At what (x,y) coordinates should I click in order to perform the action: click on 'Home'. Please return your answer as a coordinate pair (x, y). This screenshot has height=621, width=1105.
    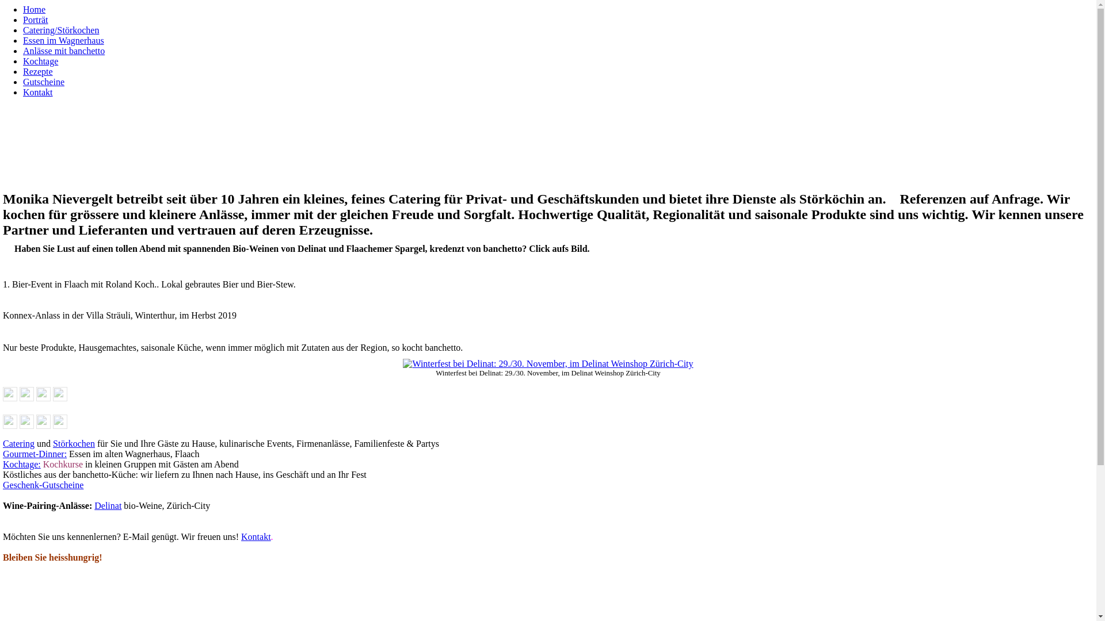
    Looking at the image, I should click on (34, 9).